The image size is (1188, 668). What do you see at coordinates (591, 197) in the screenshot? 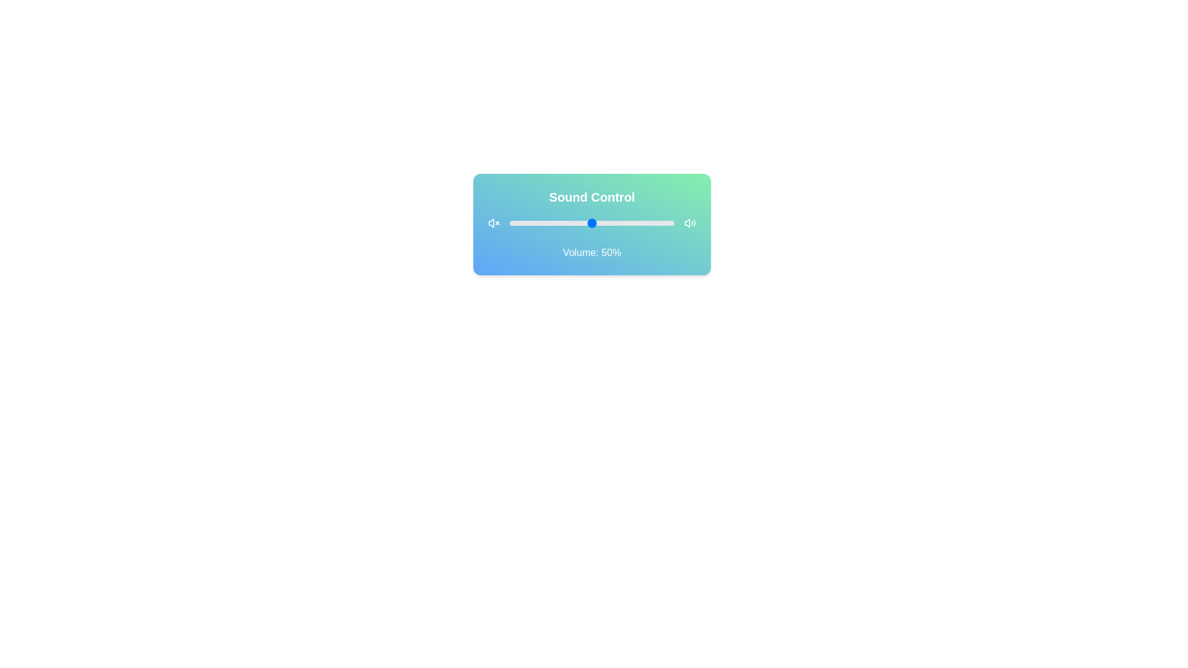
I see `the 'Sound Control' text element, which is prominently displayed in a rounded panel at the top center of the gradient-colored panel` at bounding box center [591, 197].